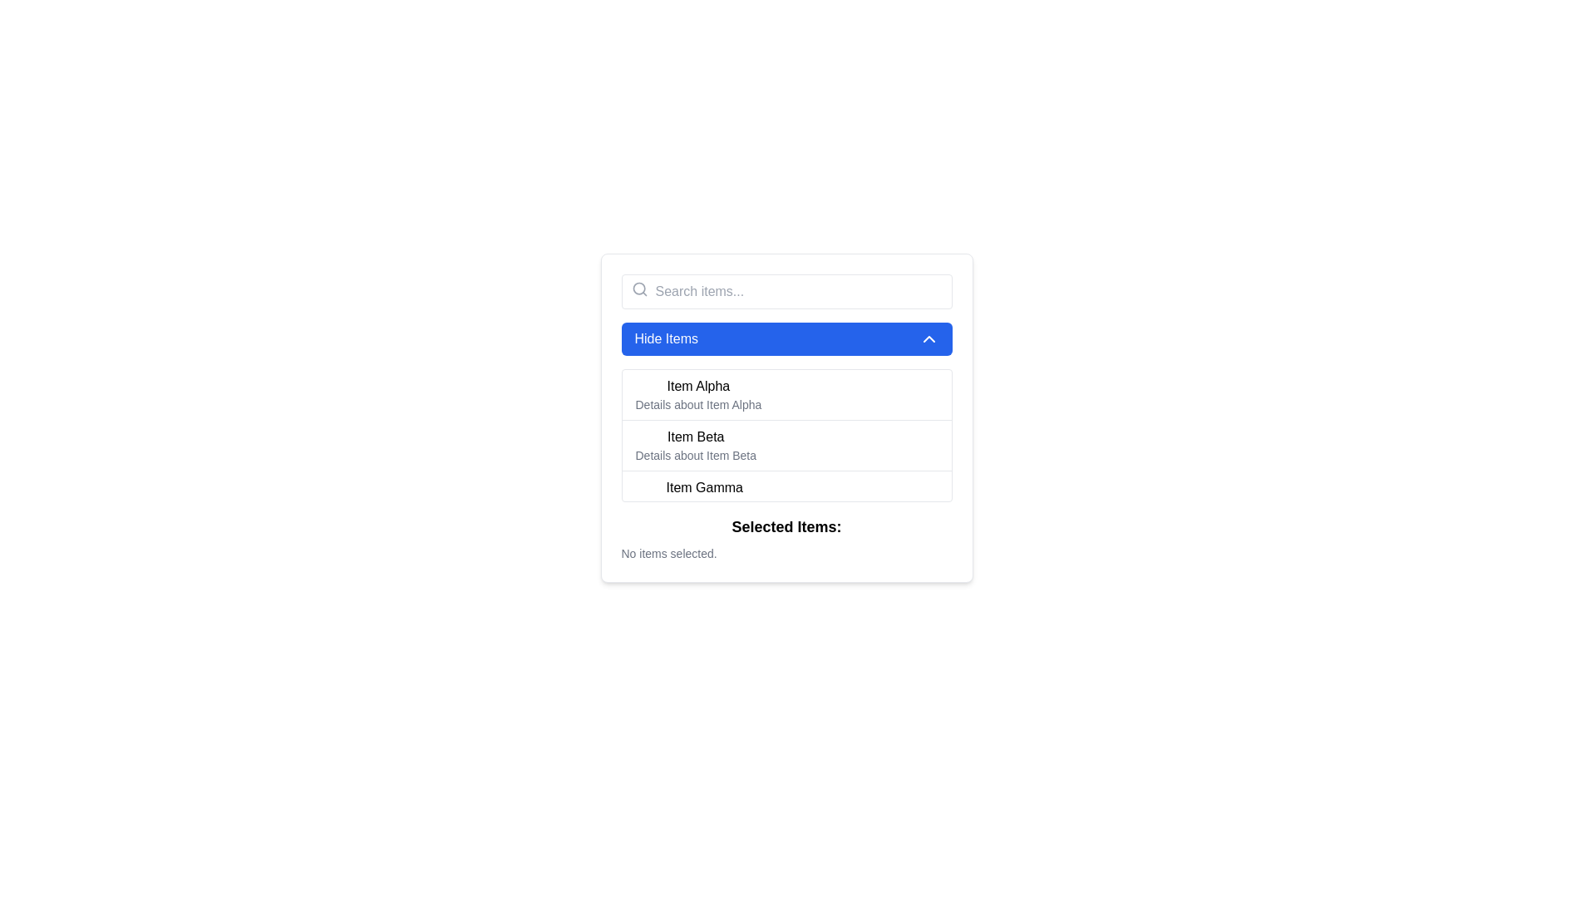 This screenshot has height=898, width=1596. I want to click on the search icon located to the left of the search input field, which signifies a search action, so click(638, 288).